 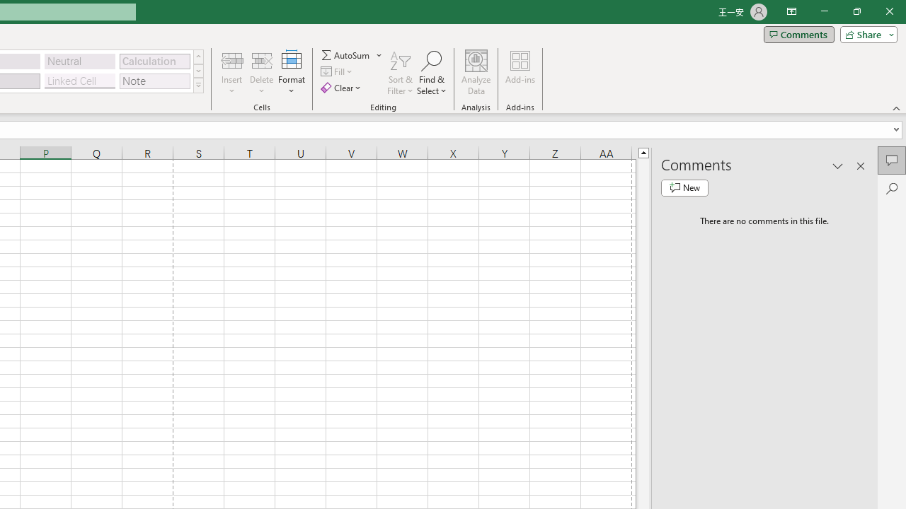 I want to click on 'Fill', so click(x=338, y=71).